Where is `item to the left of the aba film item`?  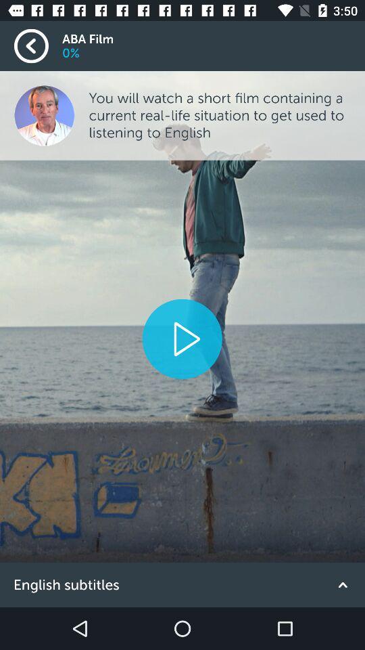
item to the left of the aba film item is located at coordinates (38, 46).